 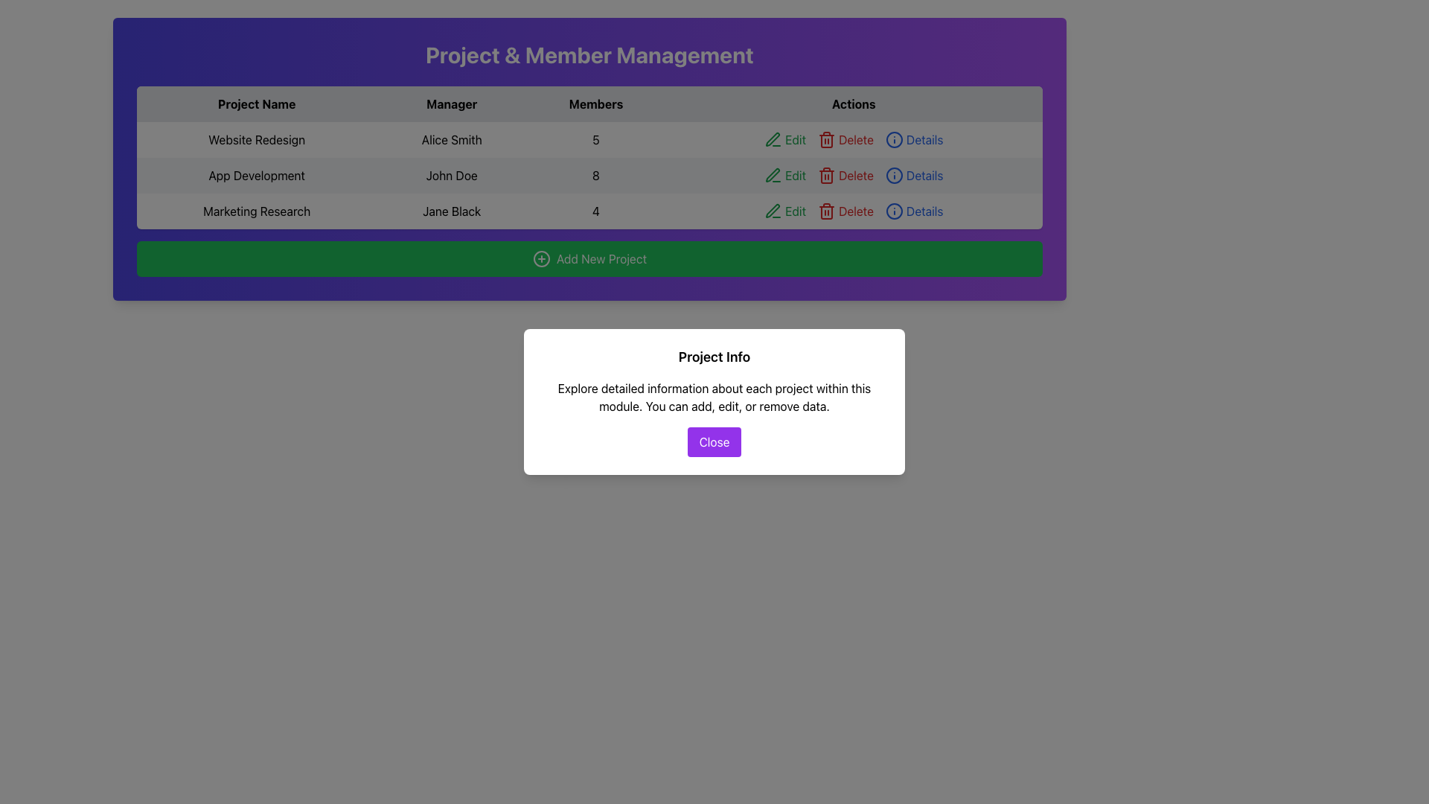 I want to click on the informational label displaying the number '4' in the 'Members' column of the 'Marketing Research' row in the table, so click(x=596, y=211).